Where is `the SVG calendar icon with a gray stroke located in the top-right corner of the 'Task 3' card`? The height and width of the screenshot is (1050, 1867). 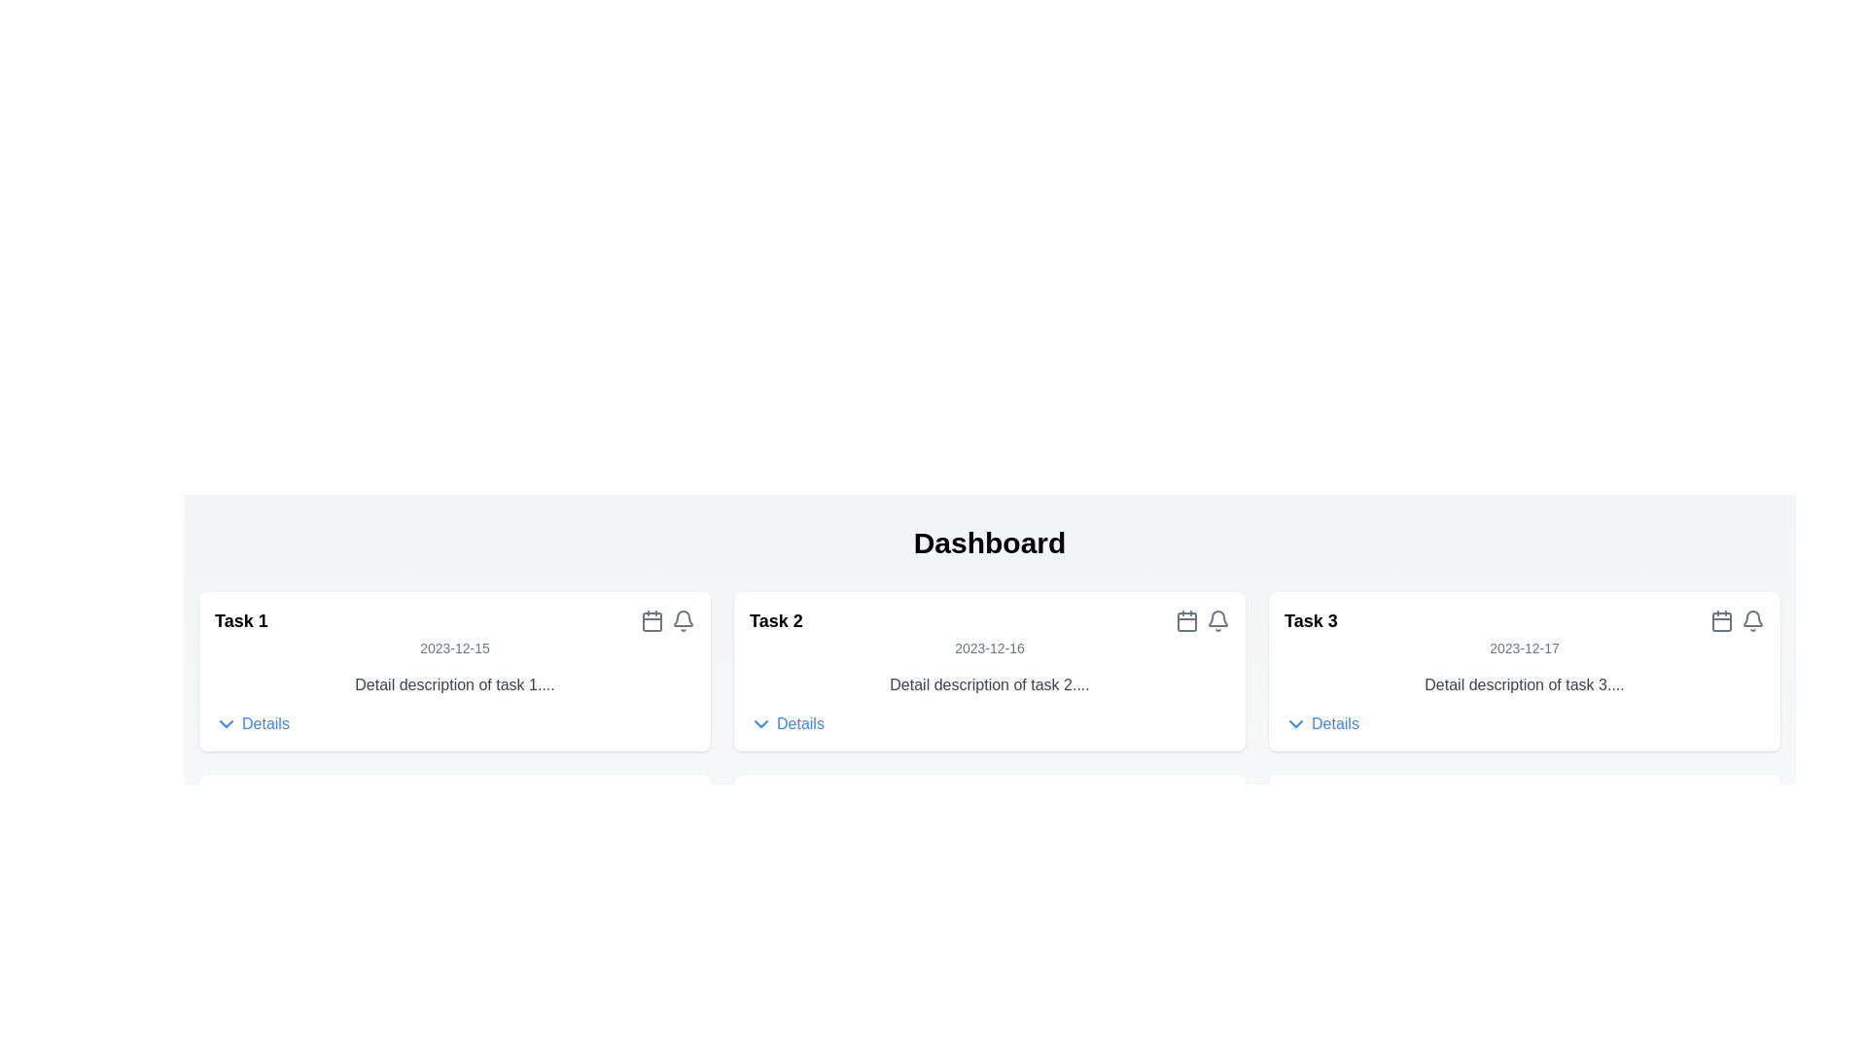 the SVG calendar icon with a gray stroke located in the top-right corner of the 'Task 3' card is located at coordinates (1722, 621).